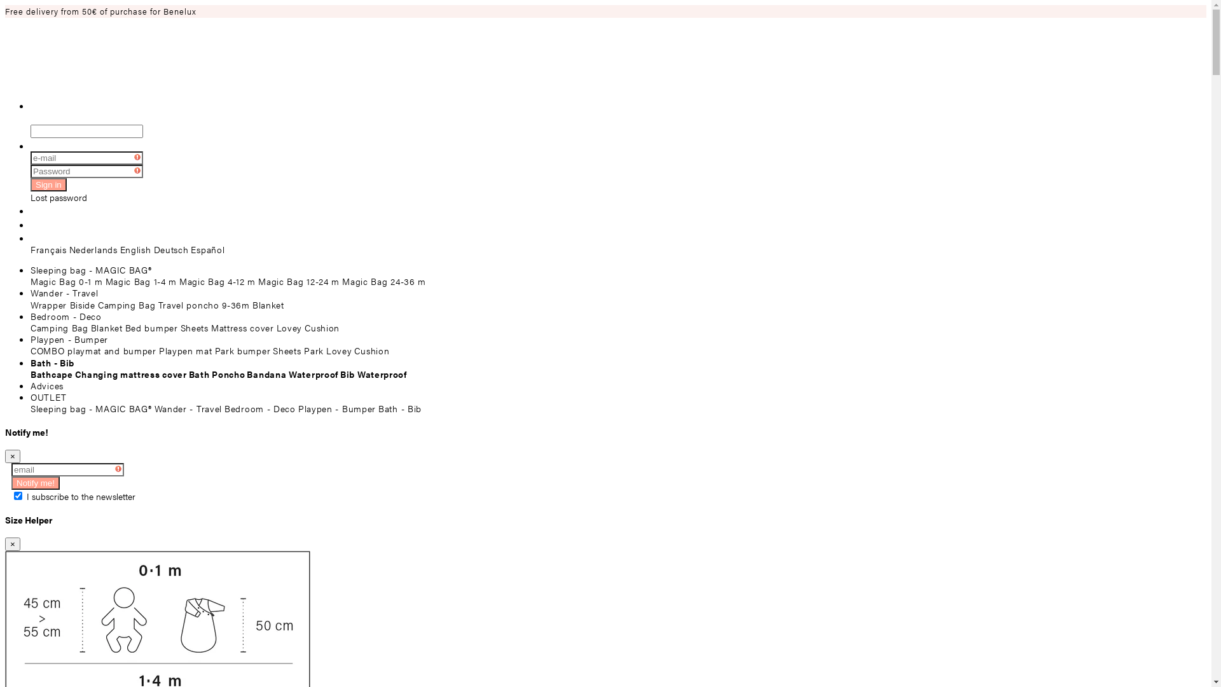  Describe the element at coordinates (93, 249) in the screenshot. I see `'Nederlands'` at that location.